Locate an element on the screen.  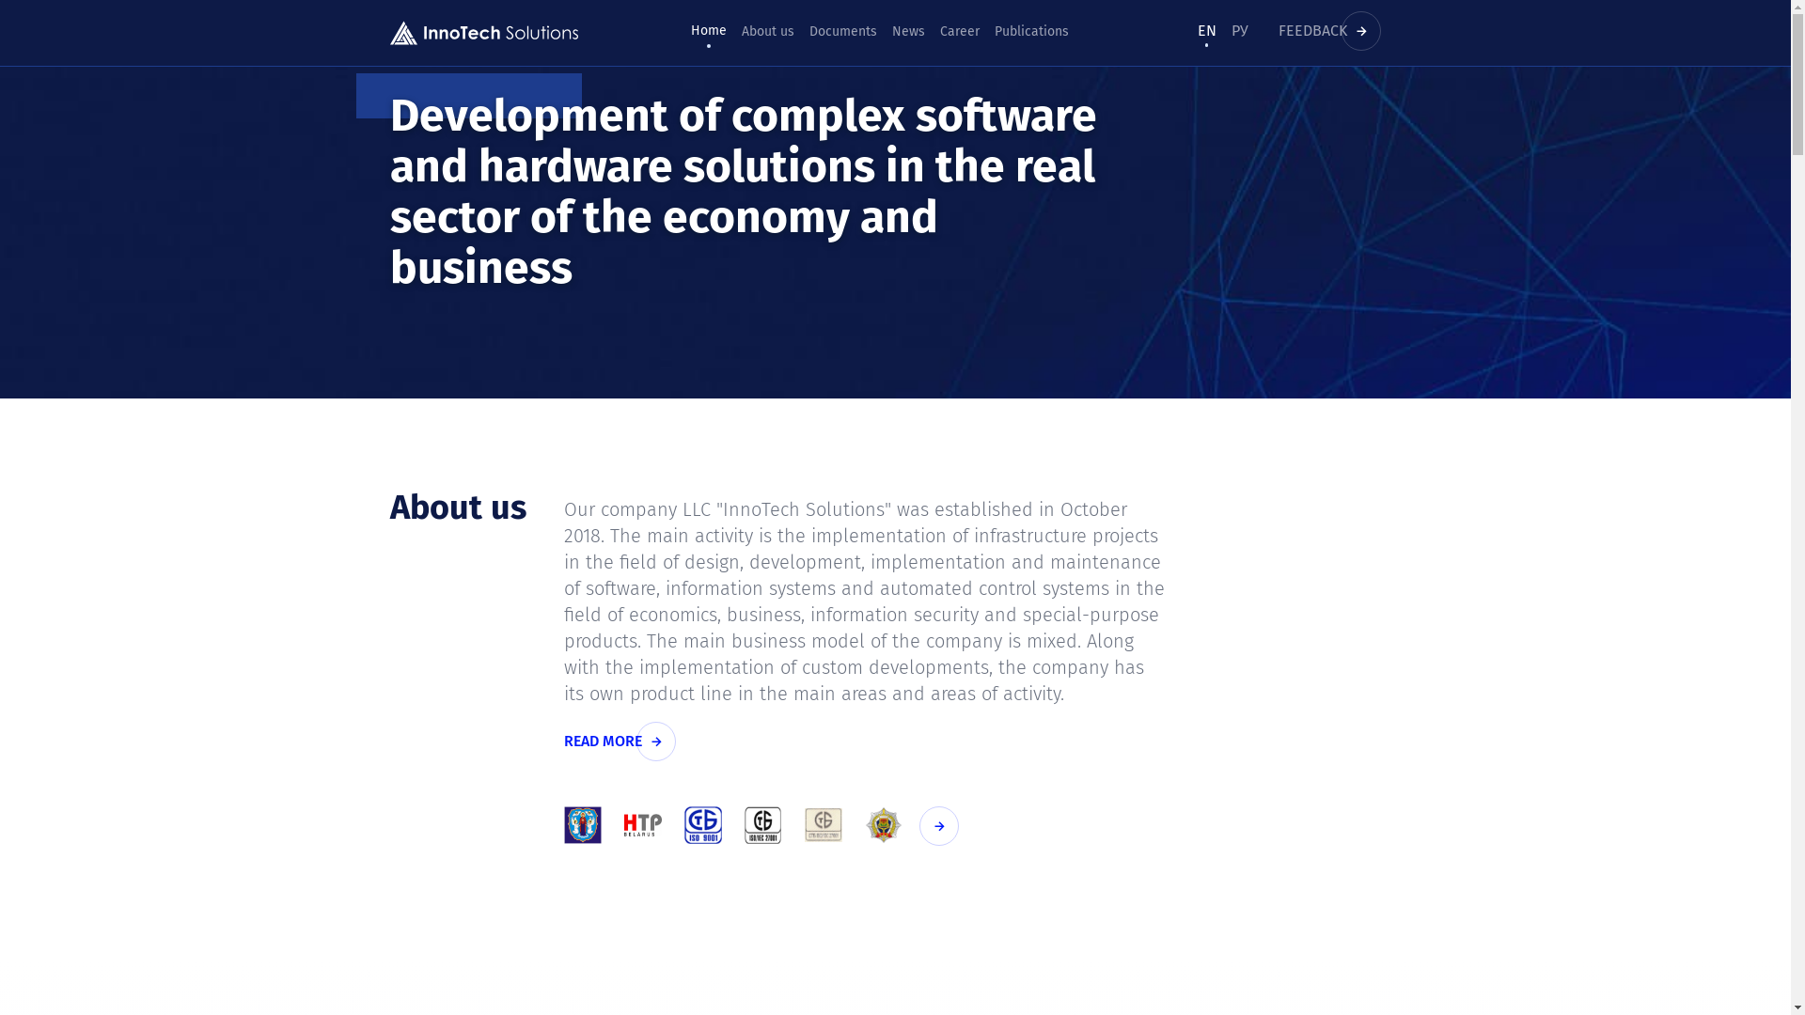
'READ MORE' is located at coordinates (622, 741).